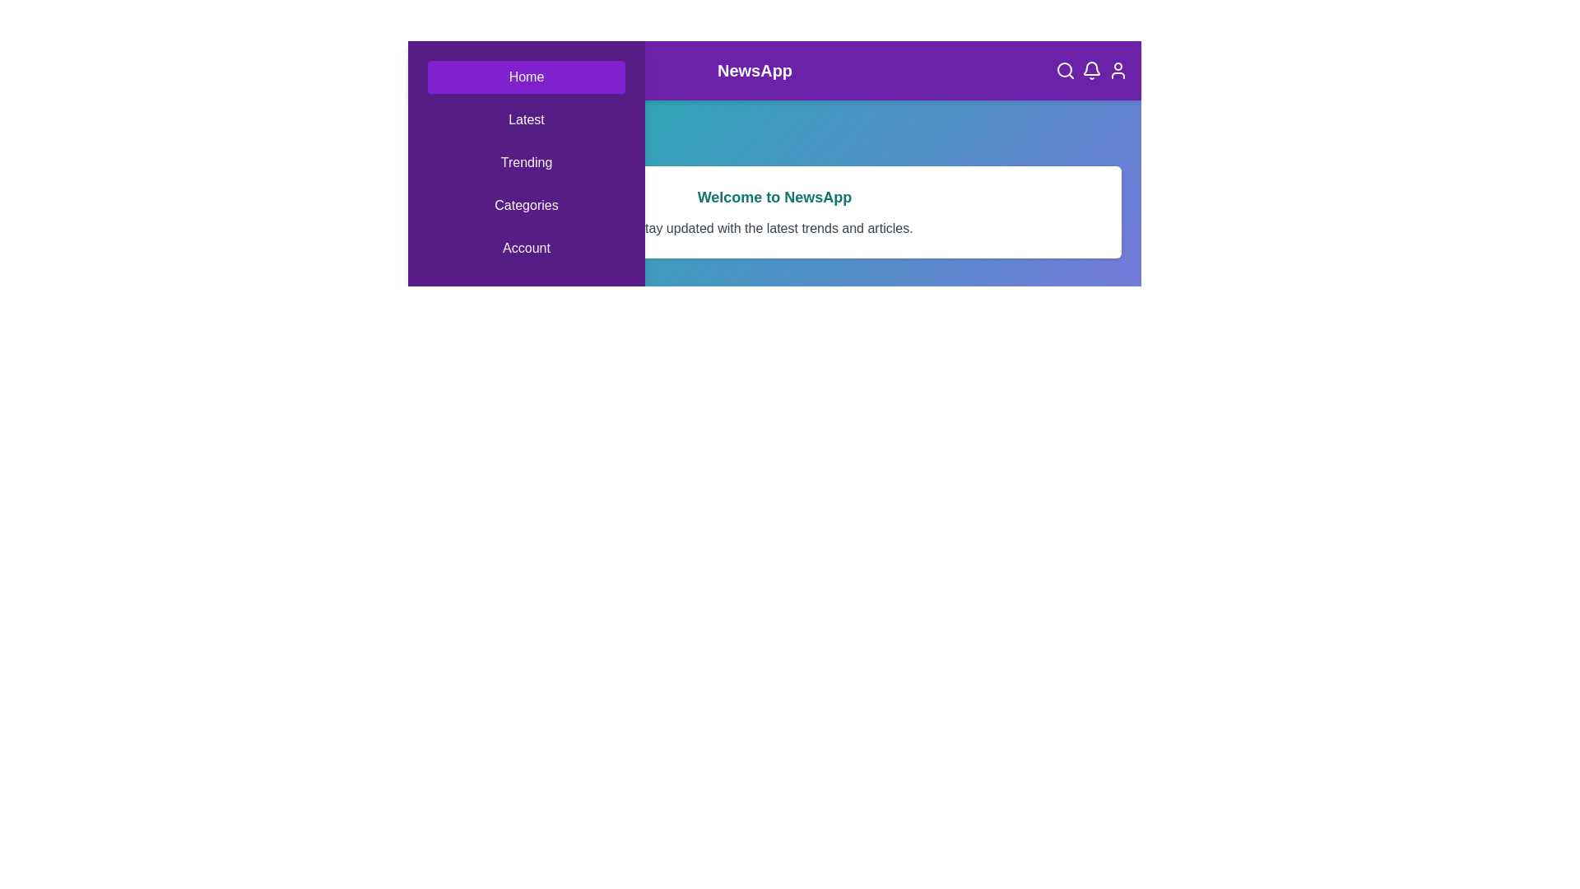  I want to click on the Categories navigation tab, so click(525, 205).